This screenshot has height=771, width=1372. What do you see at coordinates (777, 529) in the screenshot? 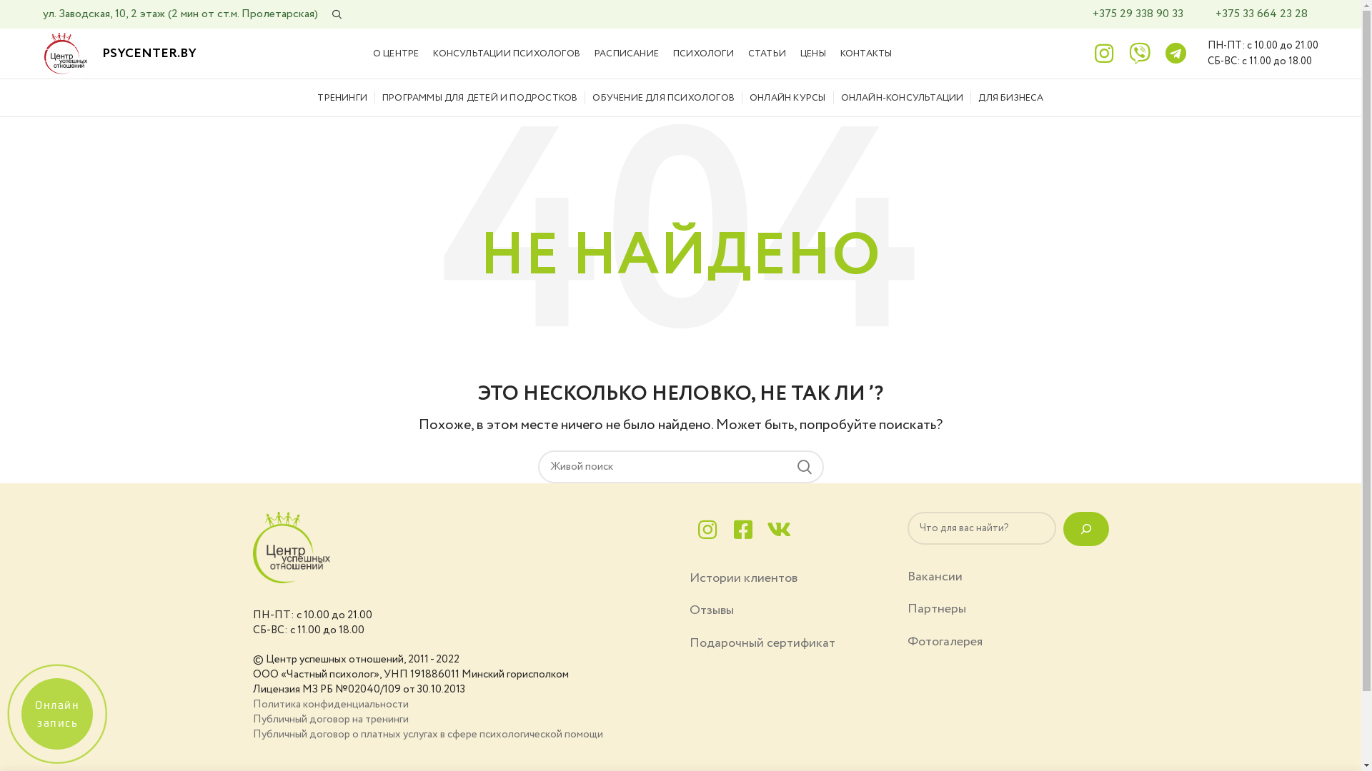
I see `'vk'` at bounding box center [777, 529].